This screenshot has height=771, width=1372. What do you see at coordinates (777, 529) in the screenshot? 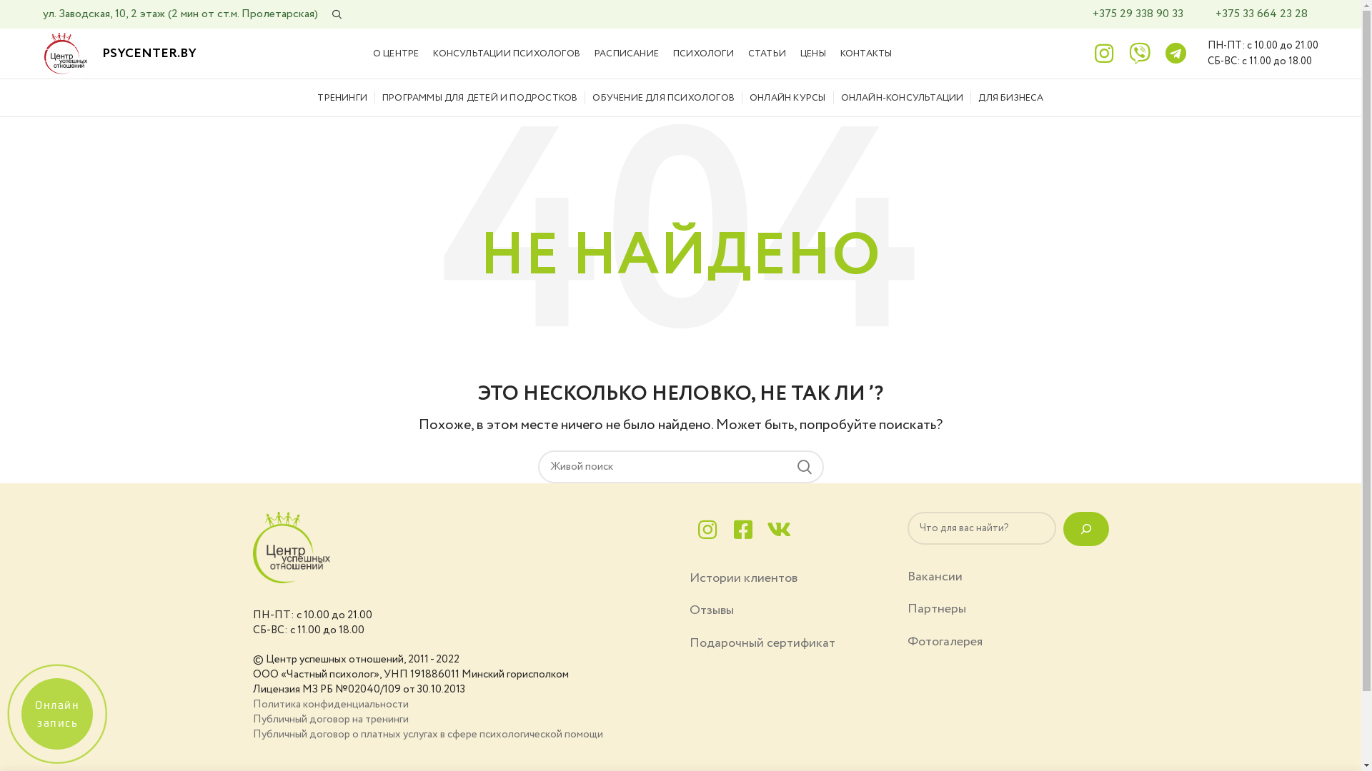
I see `'vk'` at bounding box center [777, 529].